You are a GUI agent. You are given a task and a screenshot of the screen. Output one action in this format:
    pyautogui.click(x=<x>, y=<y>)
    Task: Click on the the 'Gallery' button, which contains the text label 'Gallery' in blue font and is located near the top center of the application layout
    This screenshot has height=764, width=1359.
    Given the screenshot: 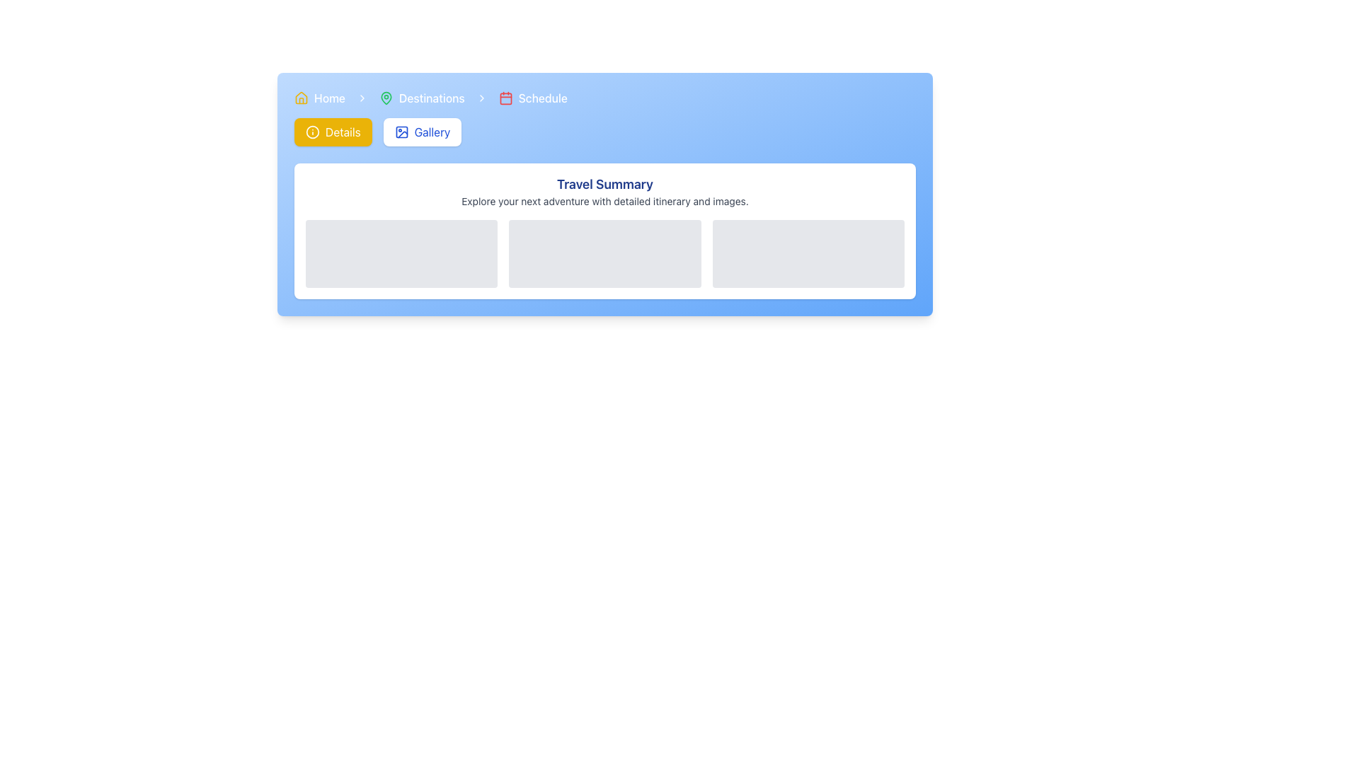 What is the action you would take?
    pyautogui.click(x=431, y=132)
    